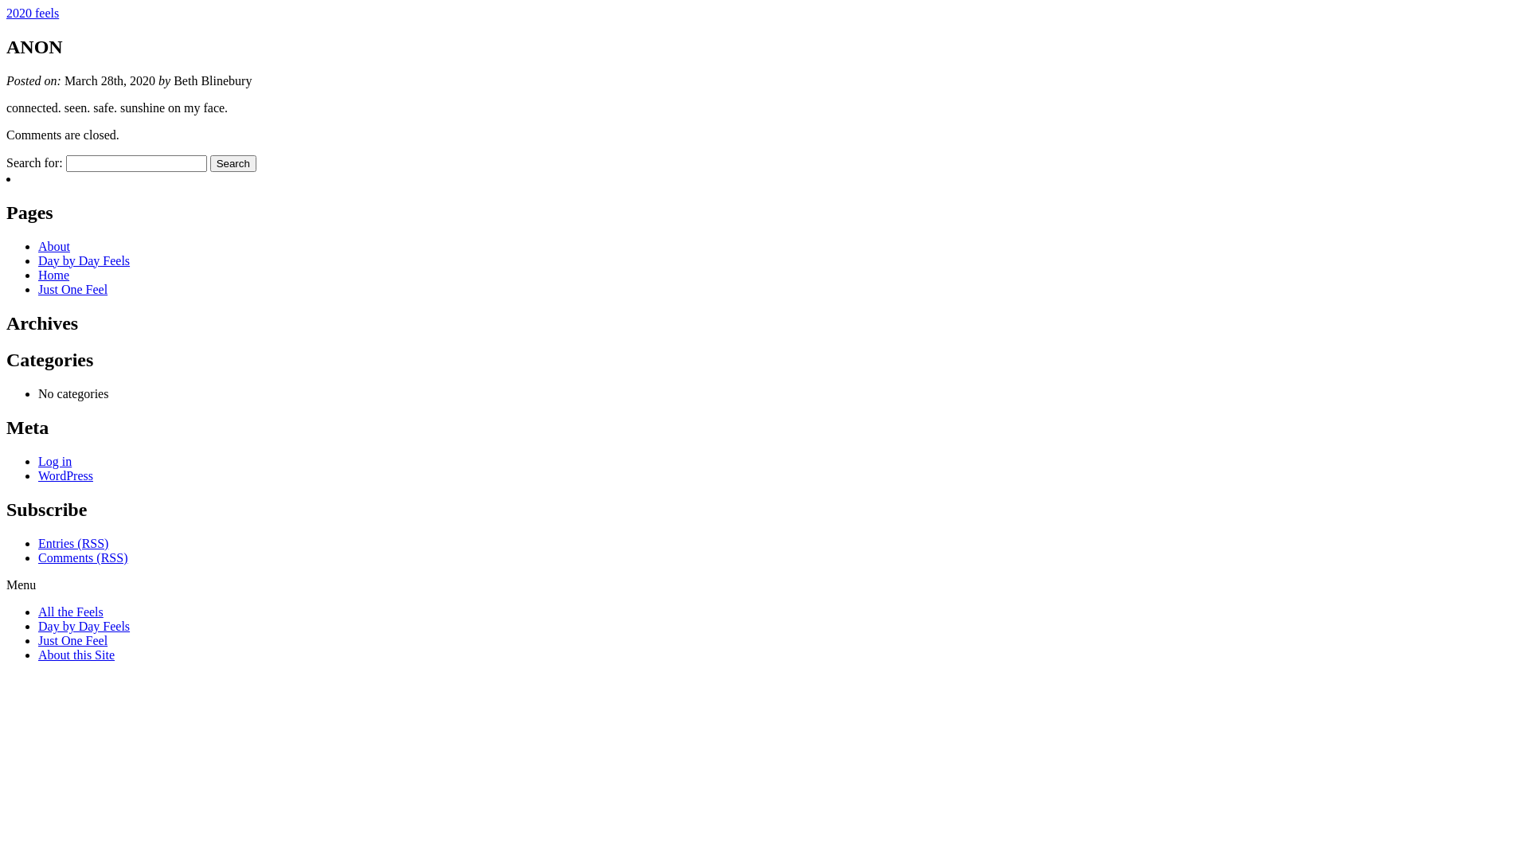 The width and height of the screenshot is (1529, 860). Describe the element at coordinates (54, 461) in the screenshot. I see `'Log in'` at that location.